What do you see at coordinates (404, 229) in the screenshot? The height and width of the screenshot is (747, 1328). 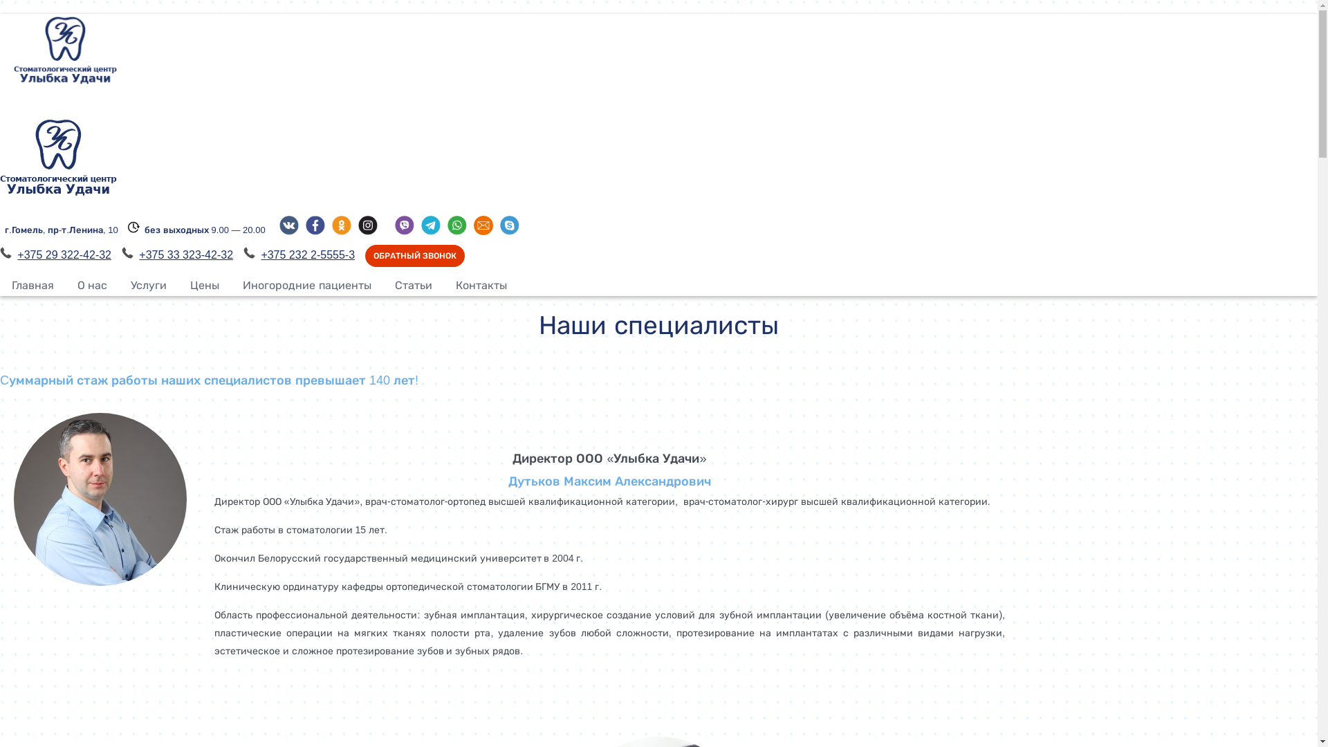 I see `'Viber'` at bounding box center [404, 229].